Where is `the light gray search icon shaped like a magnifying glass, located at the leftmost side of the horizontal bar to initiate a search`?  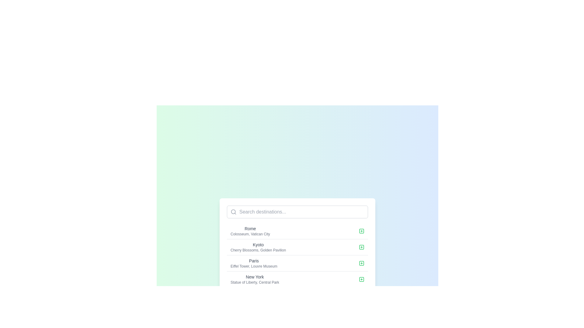
the light gray search icon shaped like a magnifying glass, located at the leftmost side of the horizontal bar to initiate a search is located at coordinates (233, 212).